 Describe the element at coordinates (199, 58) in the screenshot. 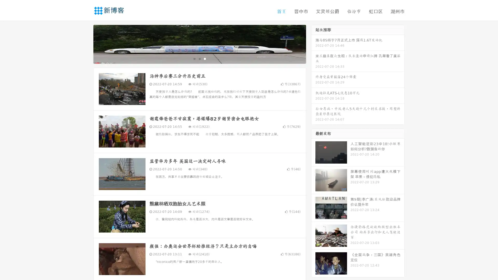

I see `Go to slide 2` at that location.